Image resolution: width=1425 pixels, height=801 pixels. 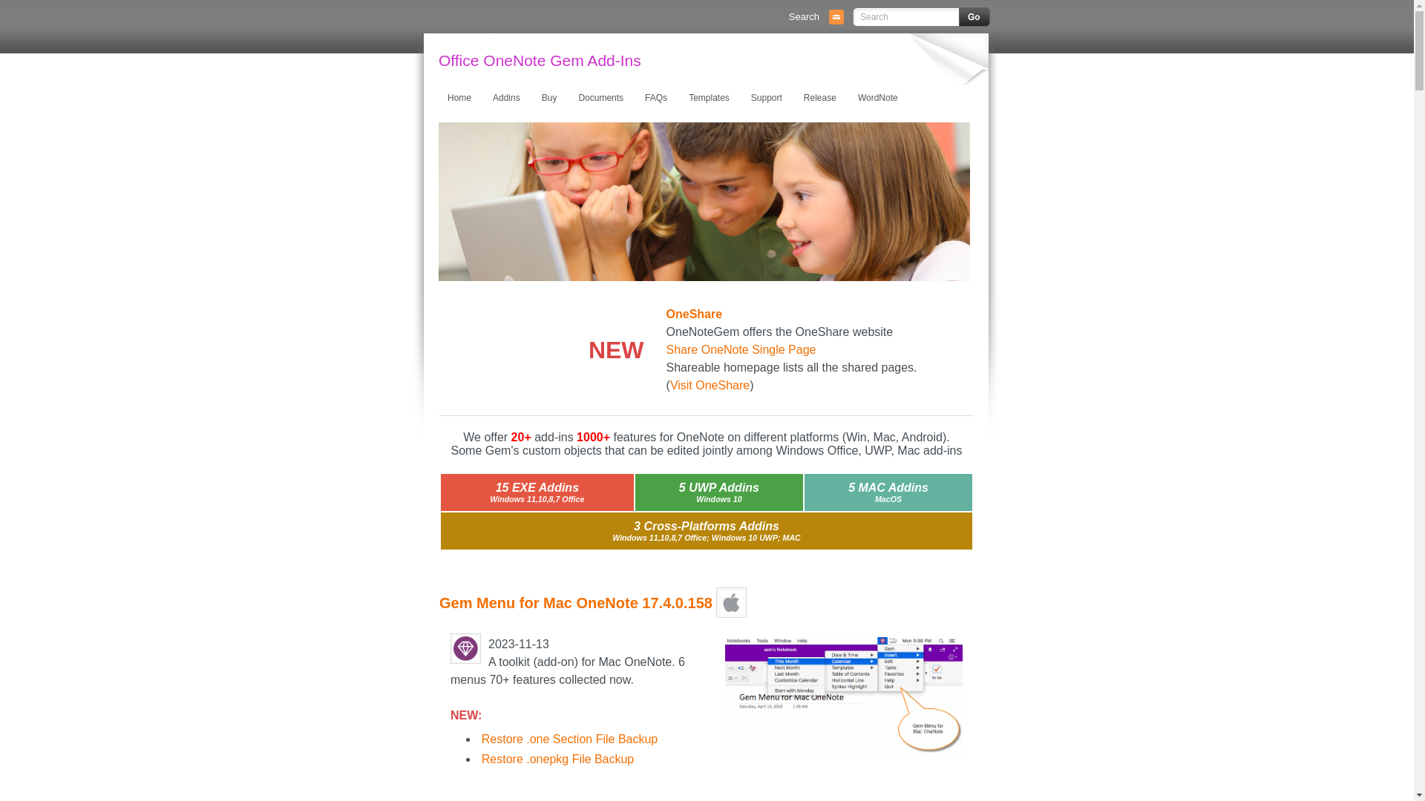 What do you see at coordinates (888, 492) in the screenshot?
I see `'5 MAC Addins` at bounding box center [888, 492].